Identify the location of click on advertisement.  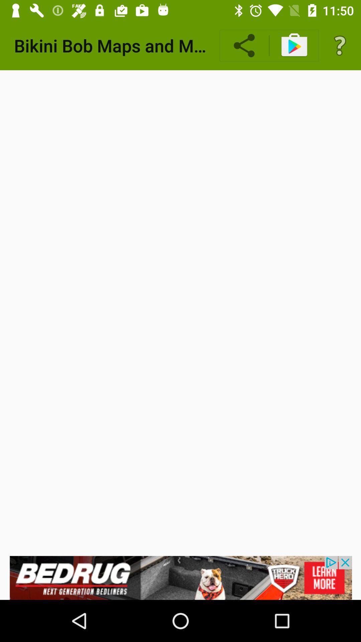
(180, 577).